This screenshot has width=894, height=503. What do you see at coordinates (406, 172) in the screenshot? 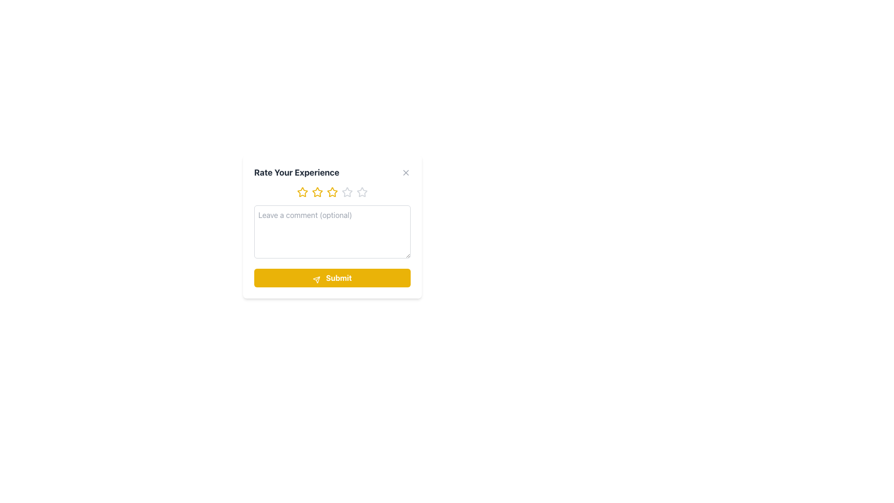
I see `the cross-shaped button located at the top-right corner of the 'Rate Your Experience' dialog box` at bounding box center [406, 172].